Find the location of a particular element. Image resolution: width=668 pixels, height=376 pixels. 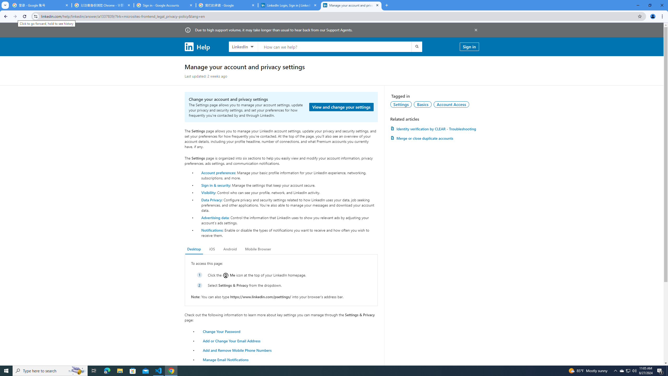

'Desktop' is located at coordinates (194, 249).